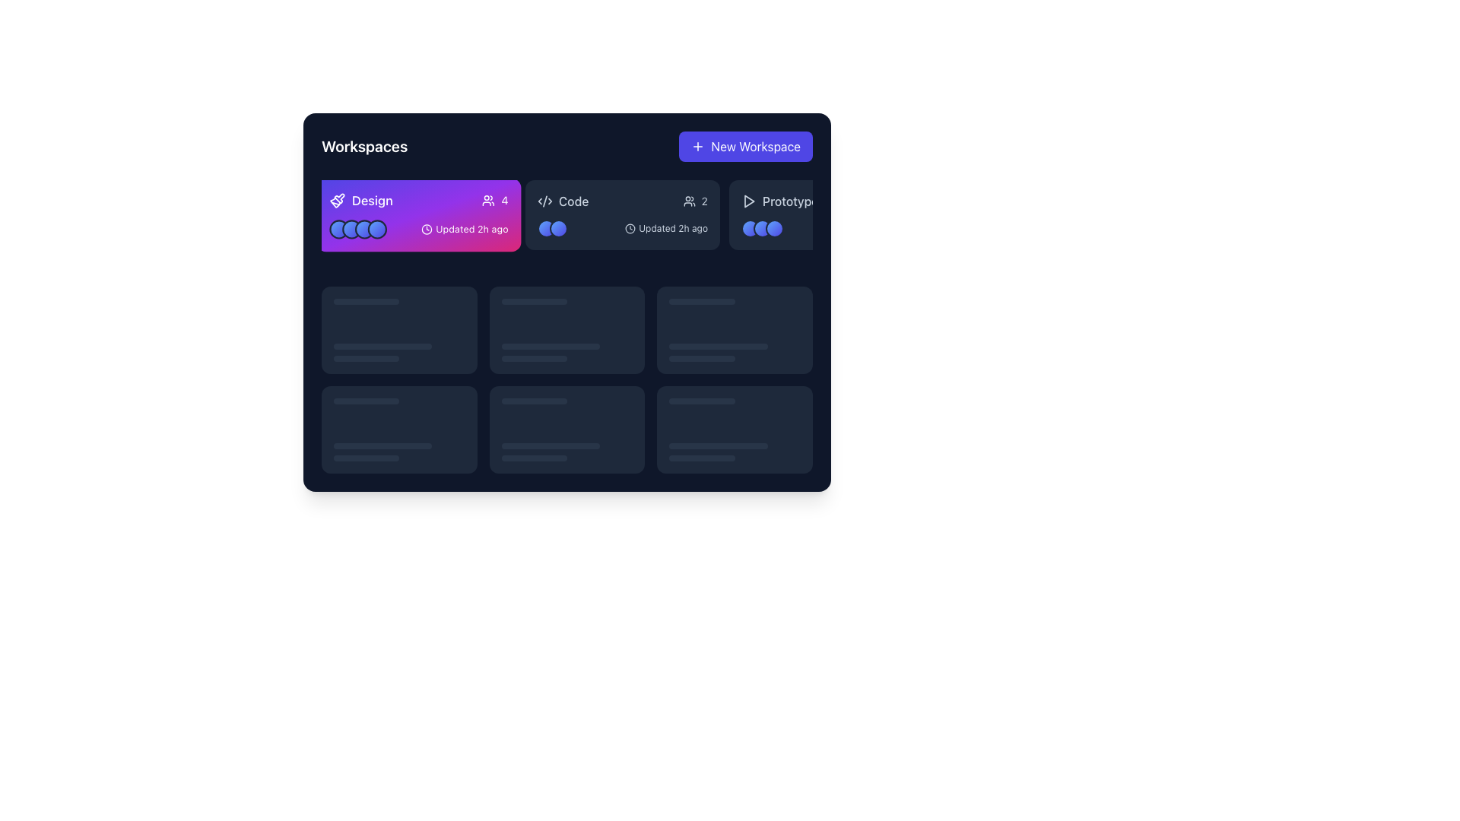 The width and height of the screenshot is (1460, 821). I want to click on the second circular Avatar-like UI component with a gradient fill transitioning from blue to indigo, located inside the 'Prototype' workspace panel near the top-right of the interface, so click(763, 228).